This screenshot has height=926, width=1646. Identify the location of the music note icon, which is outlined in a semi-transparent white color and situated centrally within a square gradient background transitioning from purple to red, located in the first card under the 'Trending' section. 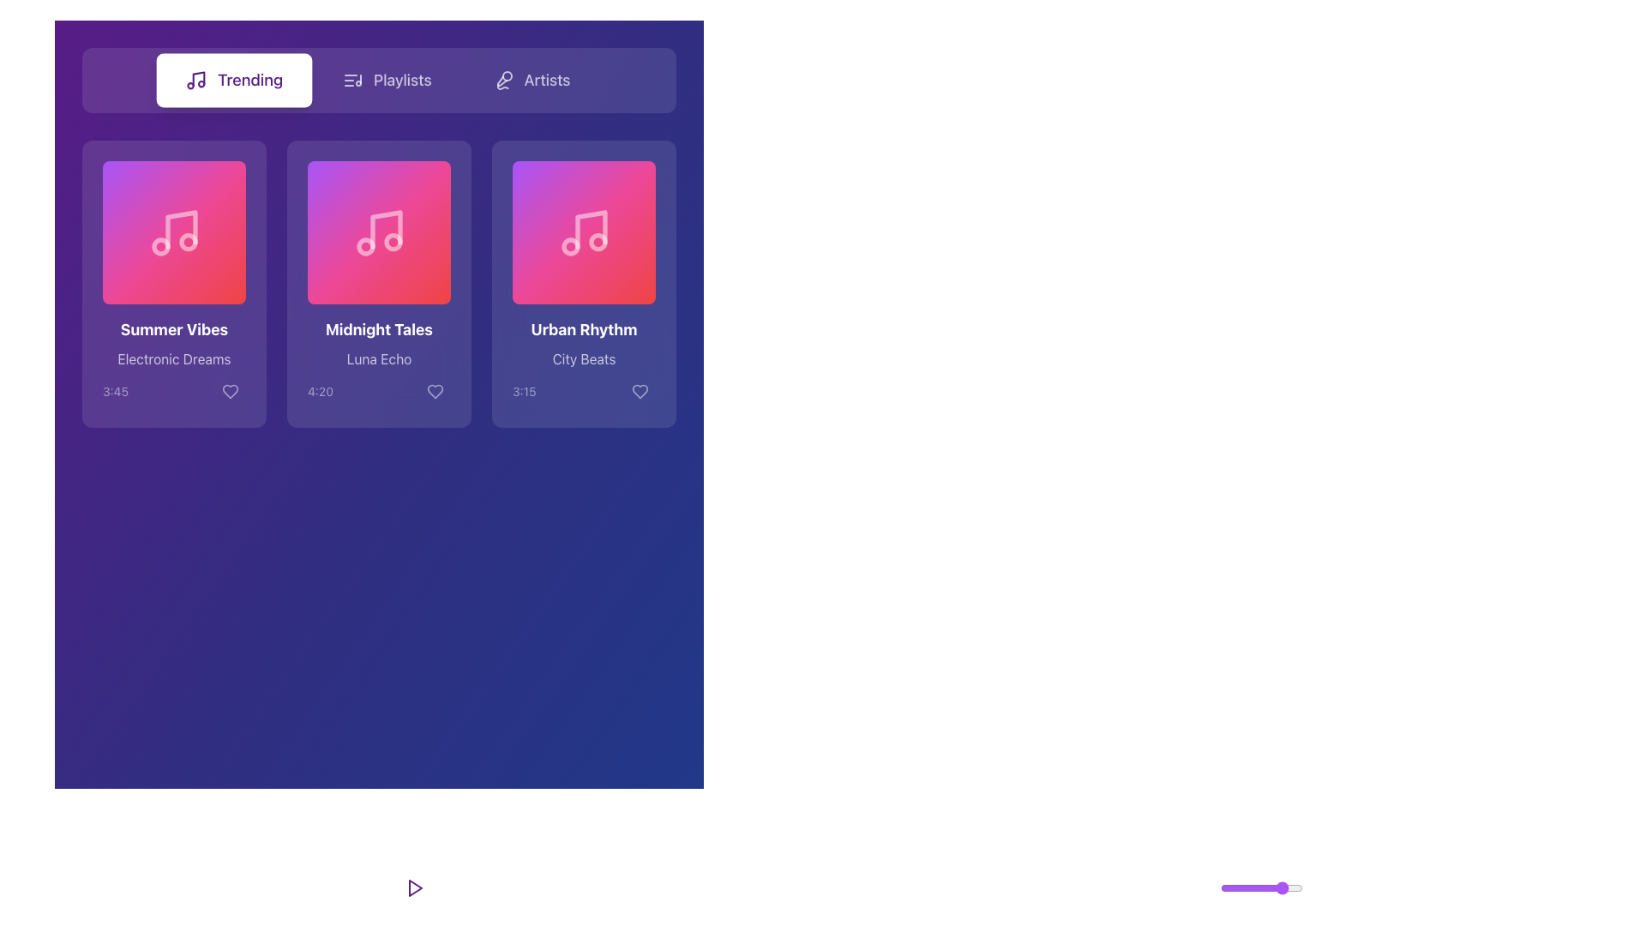
(174, 232).